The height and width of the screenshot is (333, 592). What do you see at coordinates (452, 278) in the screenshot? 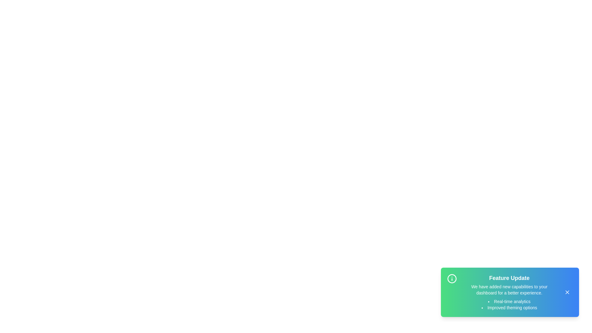
I see `the information icon to emphasize its presence` at bounding box center [452, 278].